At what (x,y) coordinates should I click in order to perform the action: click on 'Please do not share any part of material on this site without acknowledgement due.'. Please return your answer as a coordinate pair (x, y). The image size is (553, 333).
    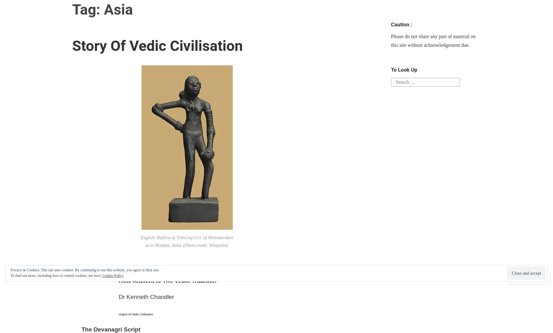
    Looking at the image, I should click on (390, 40).